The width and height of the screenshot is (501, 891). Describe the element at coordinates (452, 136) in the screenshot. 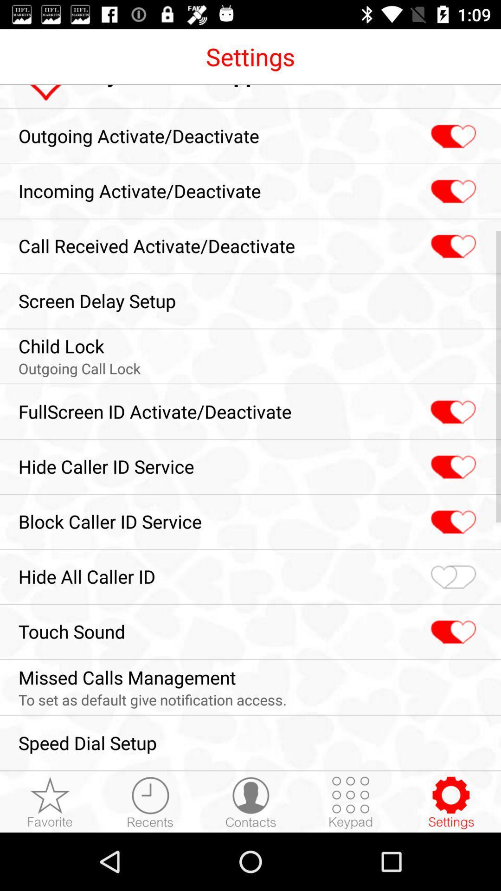

I see `the favorite icon` at that location.